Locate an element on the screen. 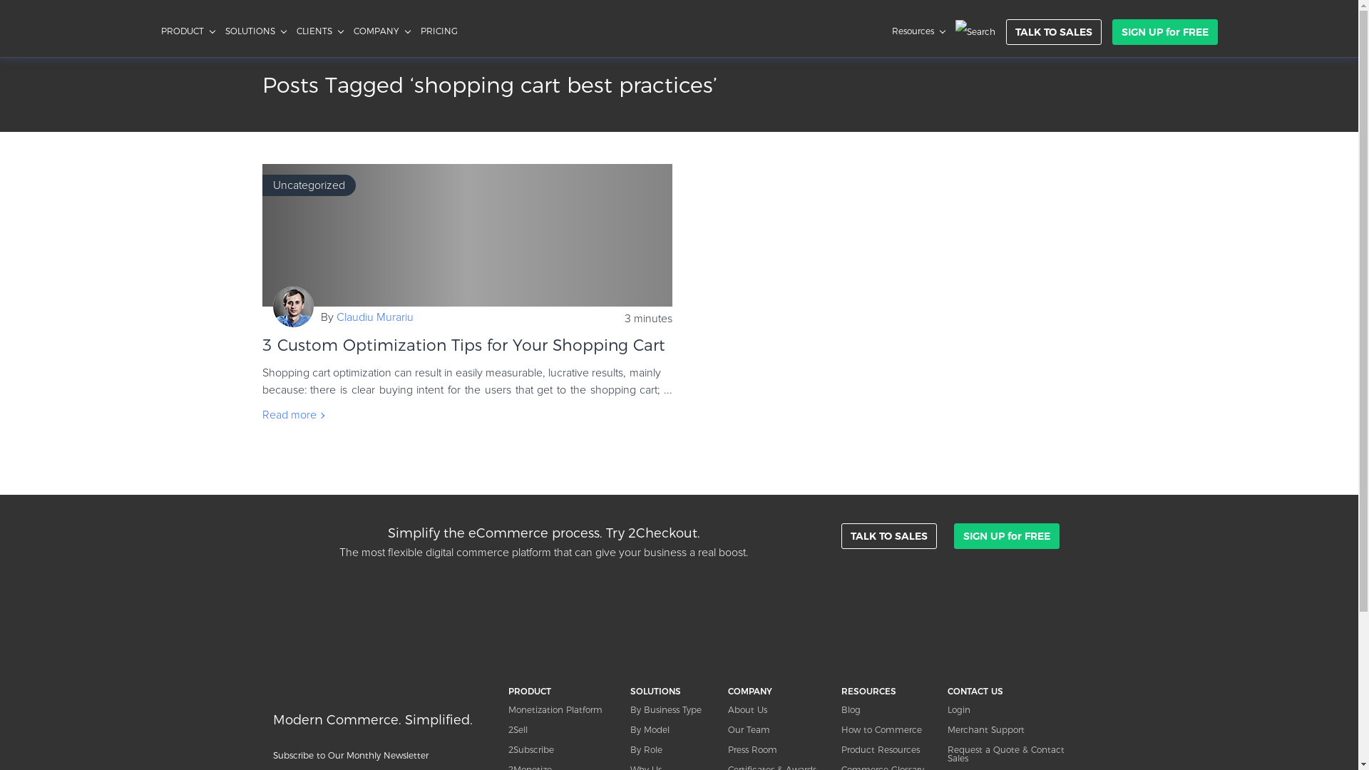 The image size is (1369, 770). 'Request a Quote & Contact Sales' is located at coordinates (948, 753).